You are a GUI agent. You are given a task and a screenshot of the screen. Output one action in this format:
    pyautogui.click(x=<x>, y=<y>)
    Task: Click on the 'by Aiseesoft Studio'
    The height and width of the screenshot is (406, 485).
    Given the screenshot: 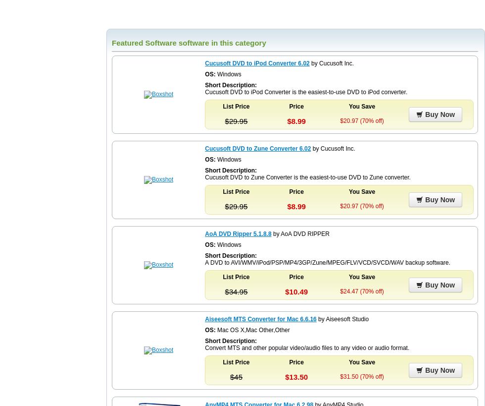 What is the action you would take?
    pyautogui.click(x=342, y=318)
    